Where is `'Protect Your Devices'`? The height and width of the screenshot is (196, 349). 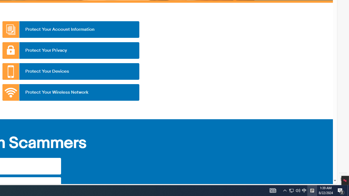 'Protect Your Devices' is located at coordinates (70, 71).